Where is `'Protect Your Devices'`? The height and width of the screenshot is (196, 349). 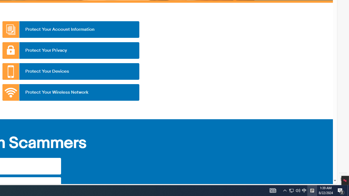 'Protect Your Devices' is located at coordinates (70, 71).